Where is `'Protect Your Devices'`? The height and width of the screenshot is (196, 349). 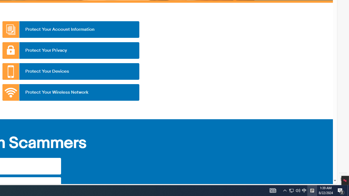 'Protect Your Devices' is located at coordinates (70, 71).